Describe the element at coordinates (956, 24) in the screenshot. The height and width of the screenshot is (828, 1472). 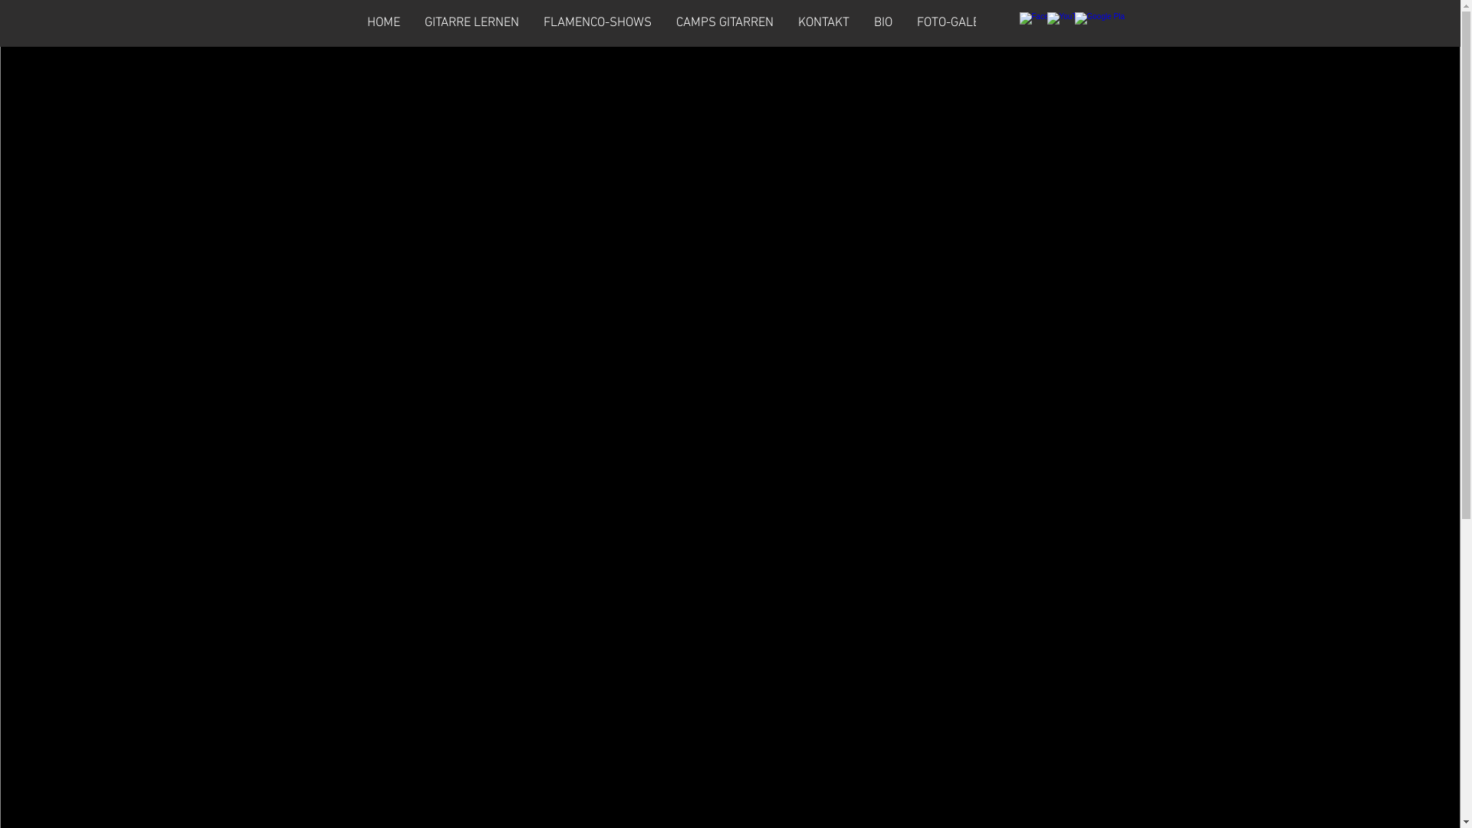
I see `'FOTO-GALERIE'` at that location.